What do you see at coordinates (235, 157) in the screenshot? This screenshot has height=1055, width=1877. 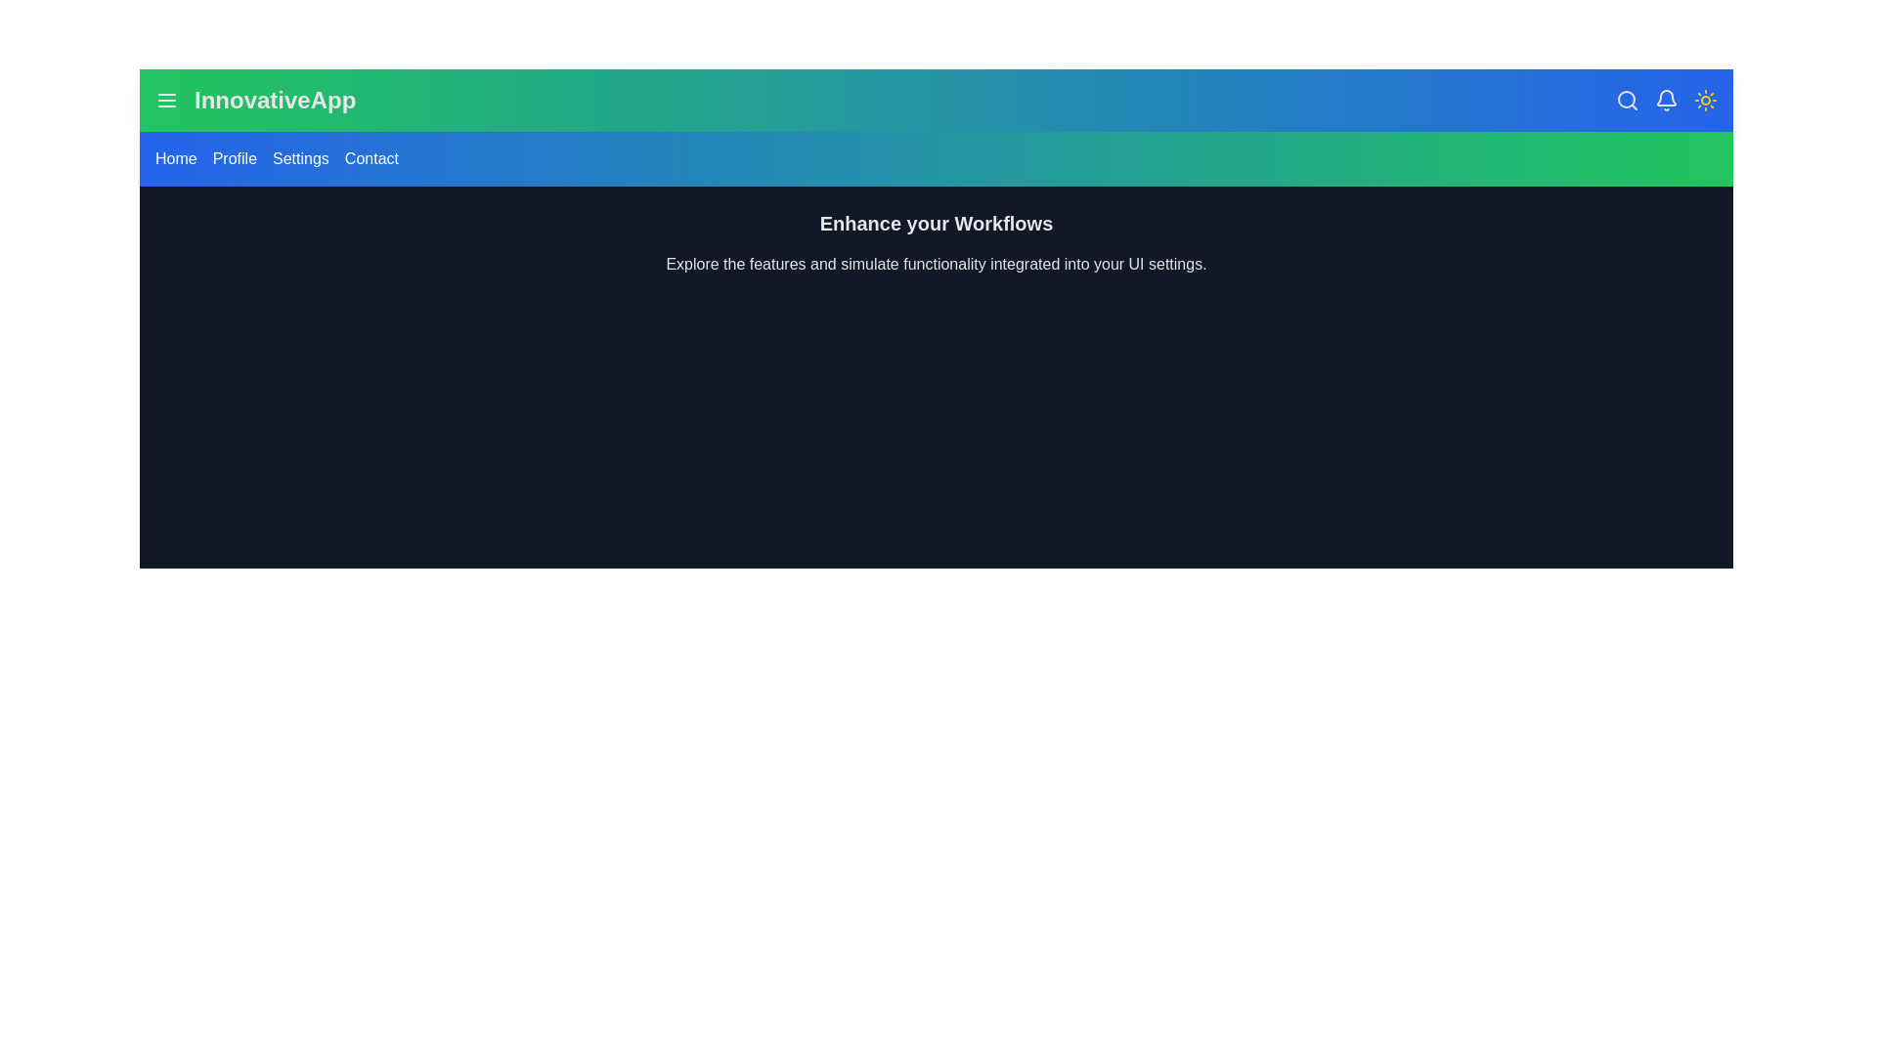 I see `the navigation link Profile to observe its hover effect` at bounding box center [235, 157].